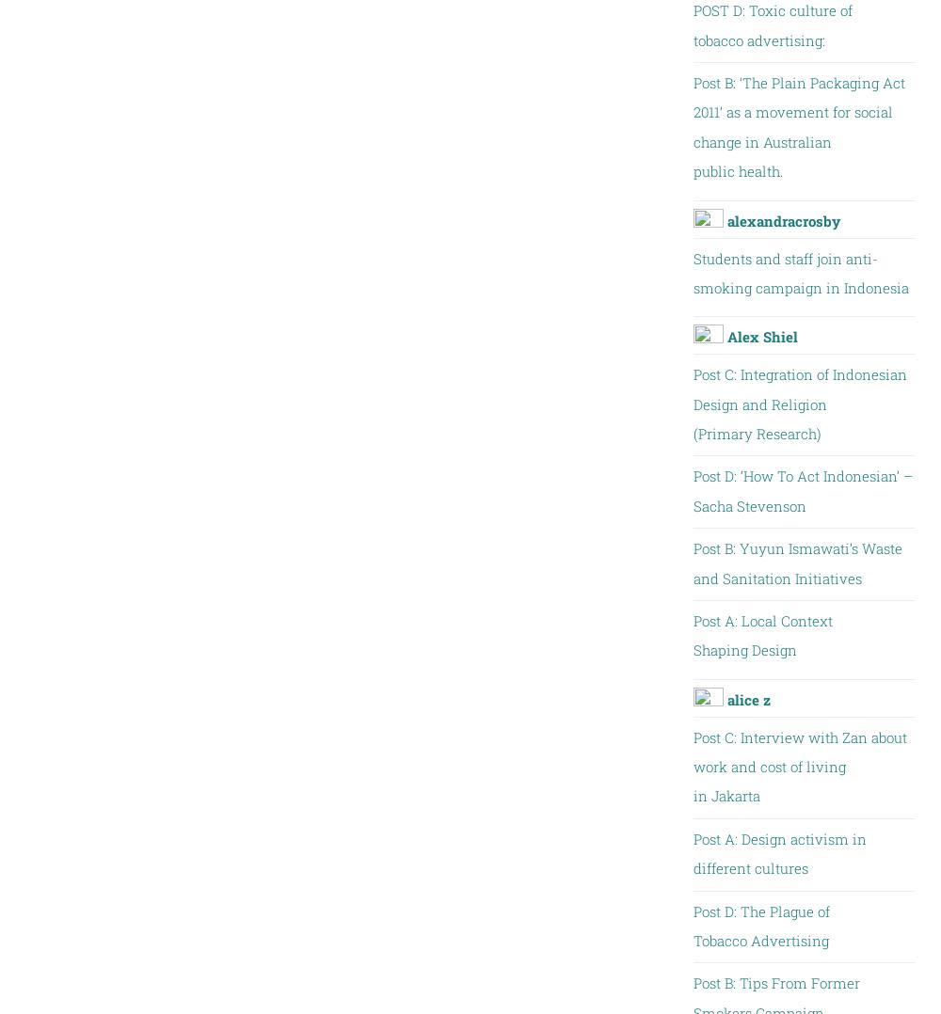  What do you see at coordinates (748, 698) in the screenshot?
I see `'alice z'` at bounding box center [748, 698].